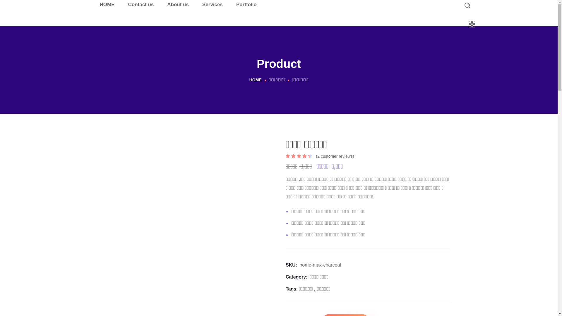  What do you see at coordinates (335, 156) in the screenshot?
I see `'(2 customer reviews)'` at bounding box center [335, 156].